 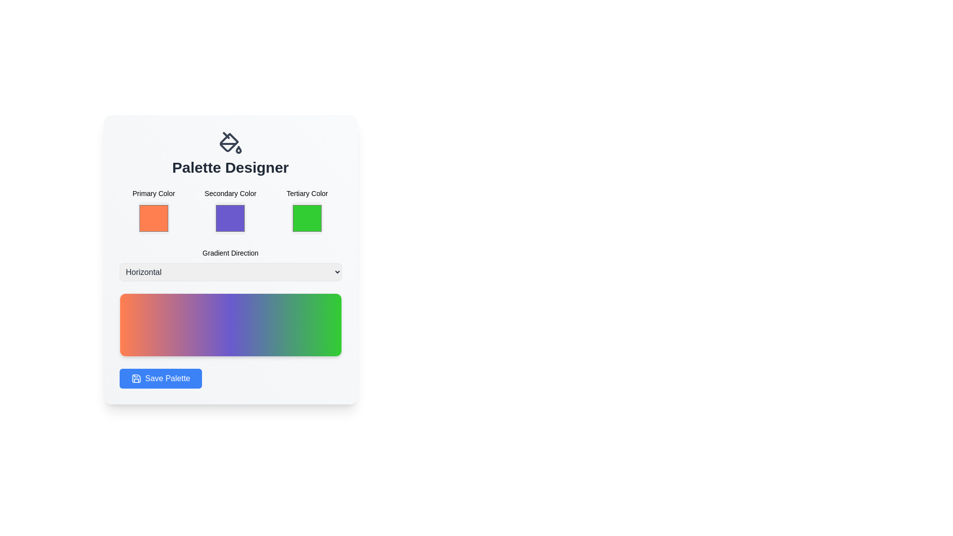 What do you see at coordinates (228, 142) in the screenshot?
I see `the dark gray paint bucket icon located above the 'Palette Designer' title text` at bounding box center [228, 142].